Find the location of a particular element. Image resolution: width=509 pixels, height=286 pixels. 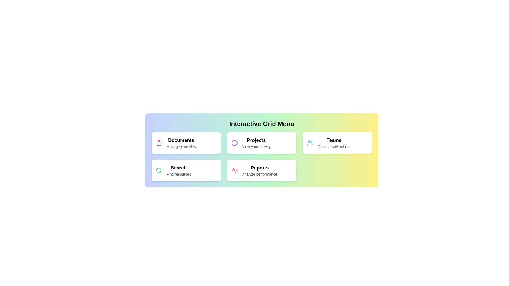

the grid item labeled Projects to observe the hover effect is located at coordinates (262, 143).